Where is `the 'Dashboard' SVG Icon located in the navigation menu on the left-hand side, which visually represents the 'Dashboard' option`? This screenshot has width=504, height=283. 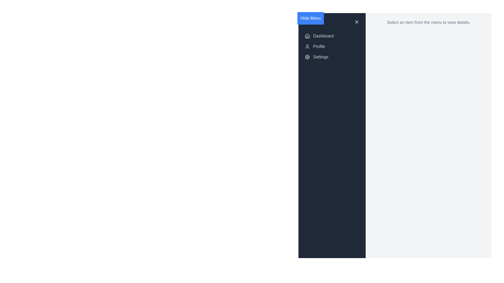 the 'Dashboard' SVG Icon located in the navigation menu on the left-hand side, which visually represents the 'Dashboard' option is located at coordinates (307, 36).